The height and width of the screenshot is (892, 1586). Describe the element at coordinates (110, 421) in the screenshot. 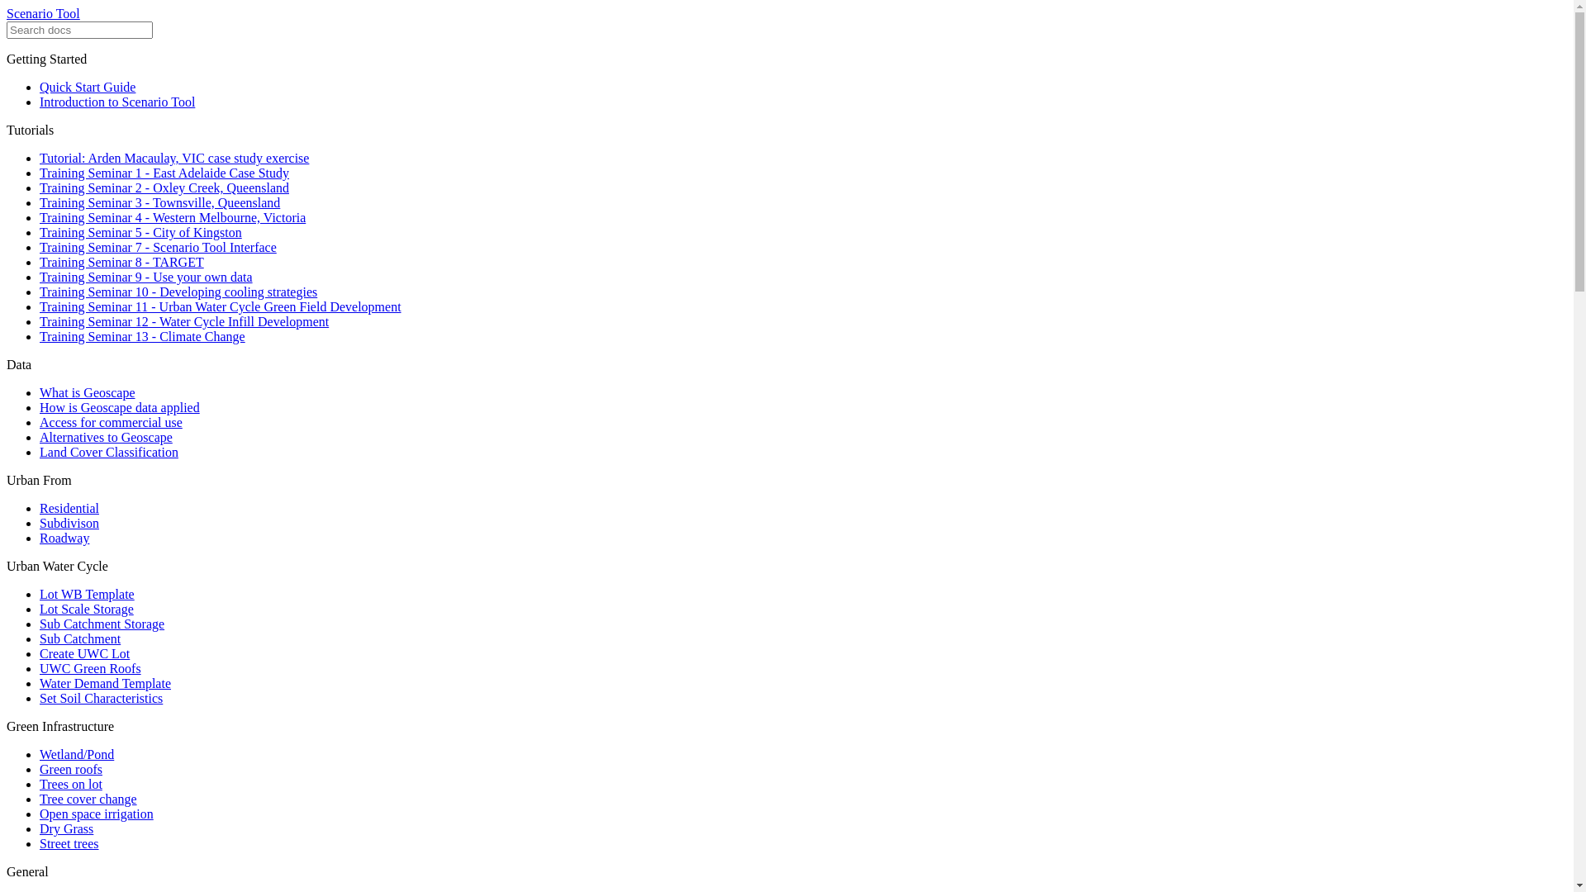

I see `'Access for commercial use'` at that location.